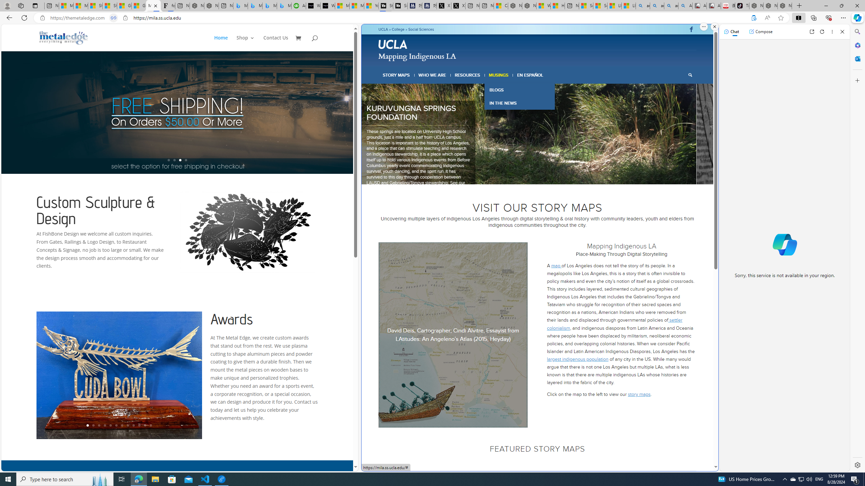  Describe the element at coordinates (639, 394) in the screenshot. I see `'story maps'` at that location.